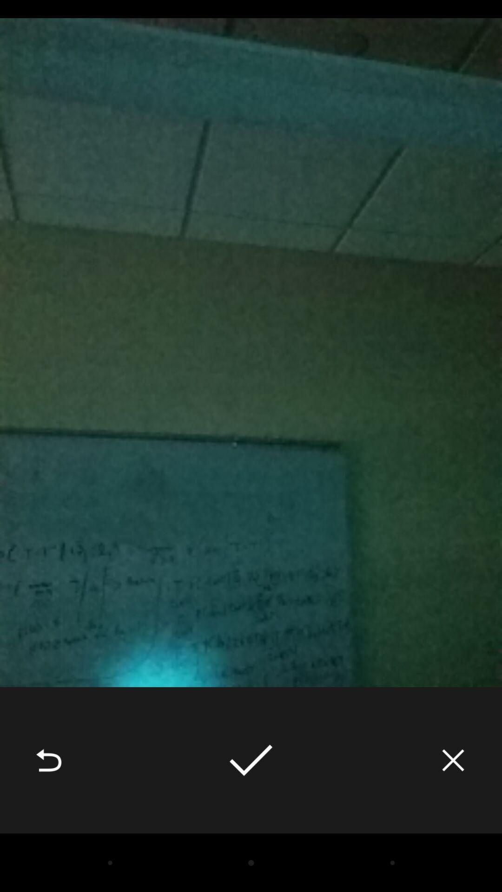 This screenshot has width=502, height=892. What do you see at coordinates (453, 760) in the screenshot?
I see `icon at the bottom right corner` at bounding box center [453, 760].